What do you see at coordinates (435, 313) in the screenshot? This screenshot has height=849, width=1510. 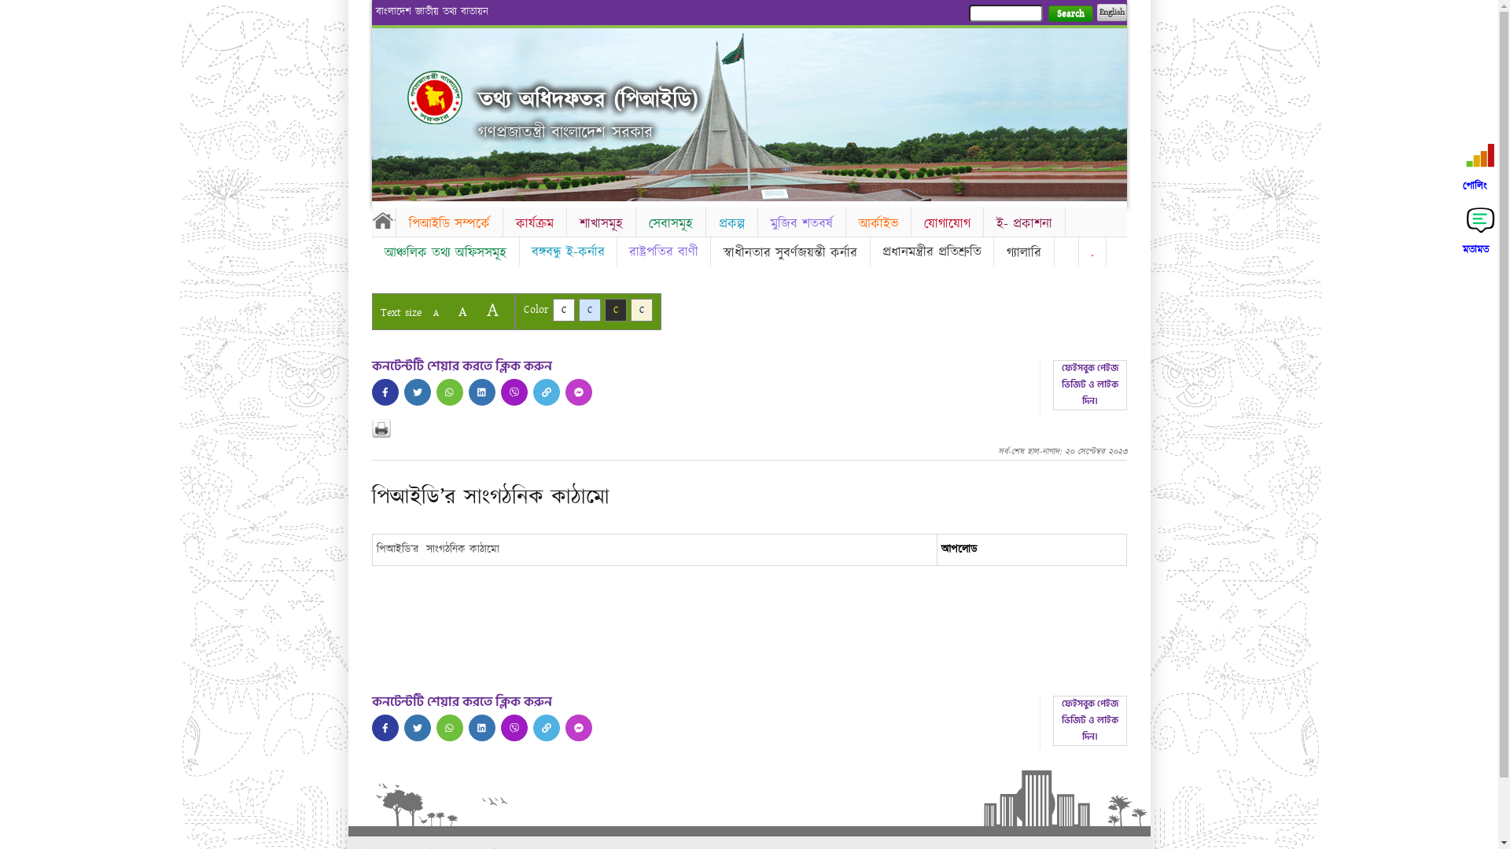 I see `'A'` at bounding box center [435, 313].